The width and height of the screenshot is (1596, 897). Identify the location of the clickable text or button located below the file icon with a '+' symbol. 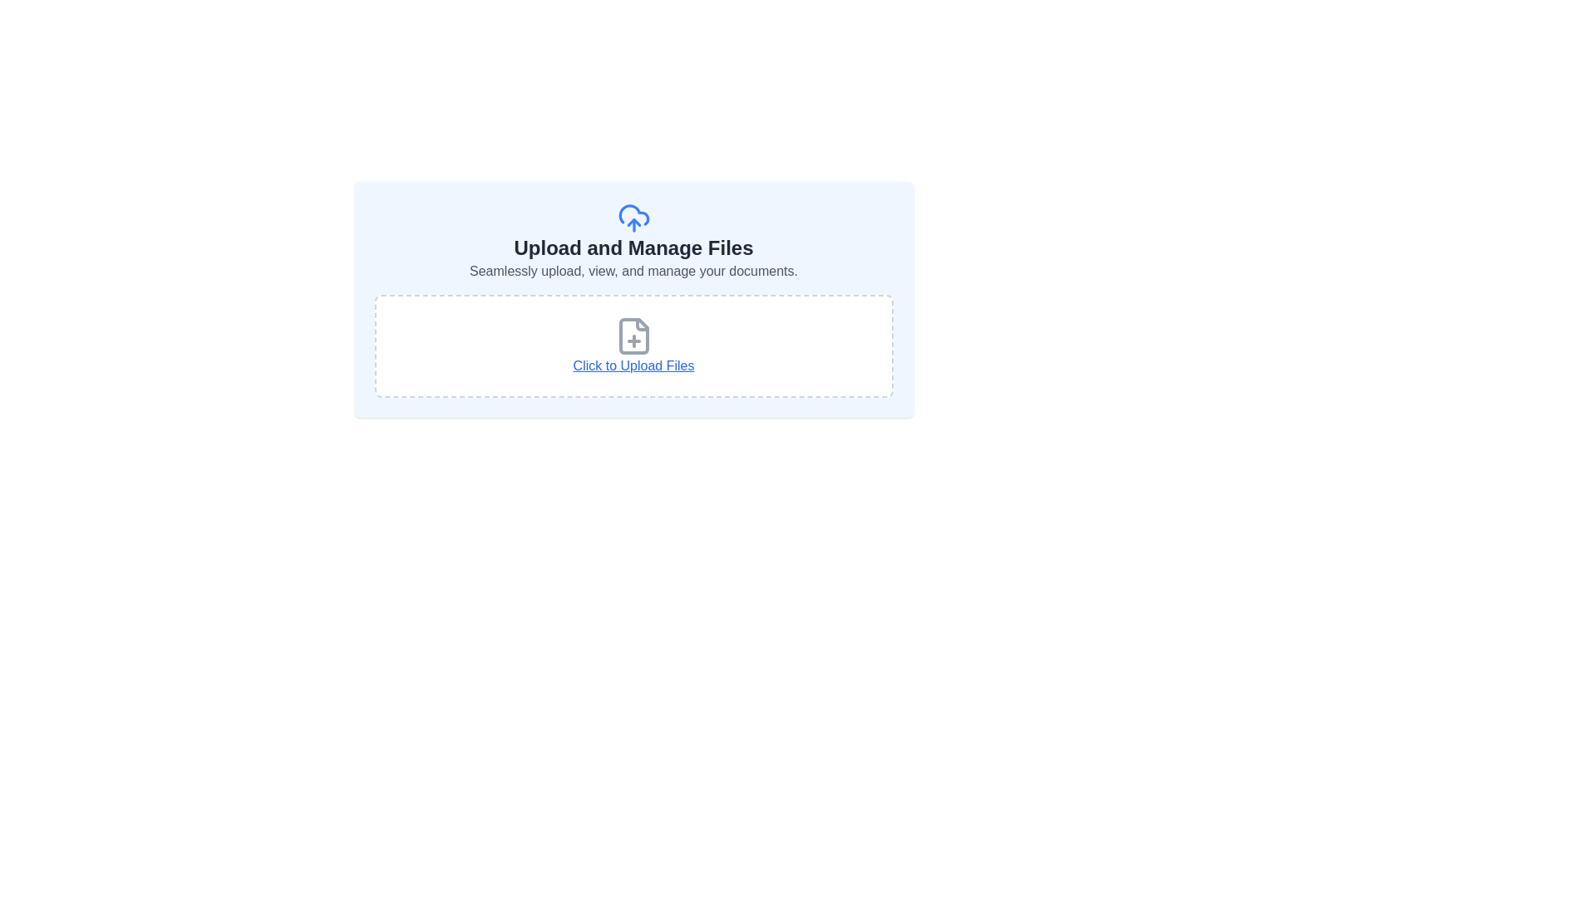
(633, 345).